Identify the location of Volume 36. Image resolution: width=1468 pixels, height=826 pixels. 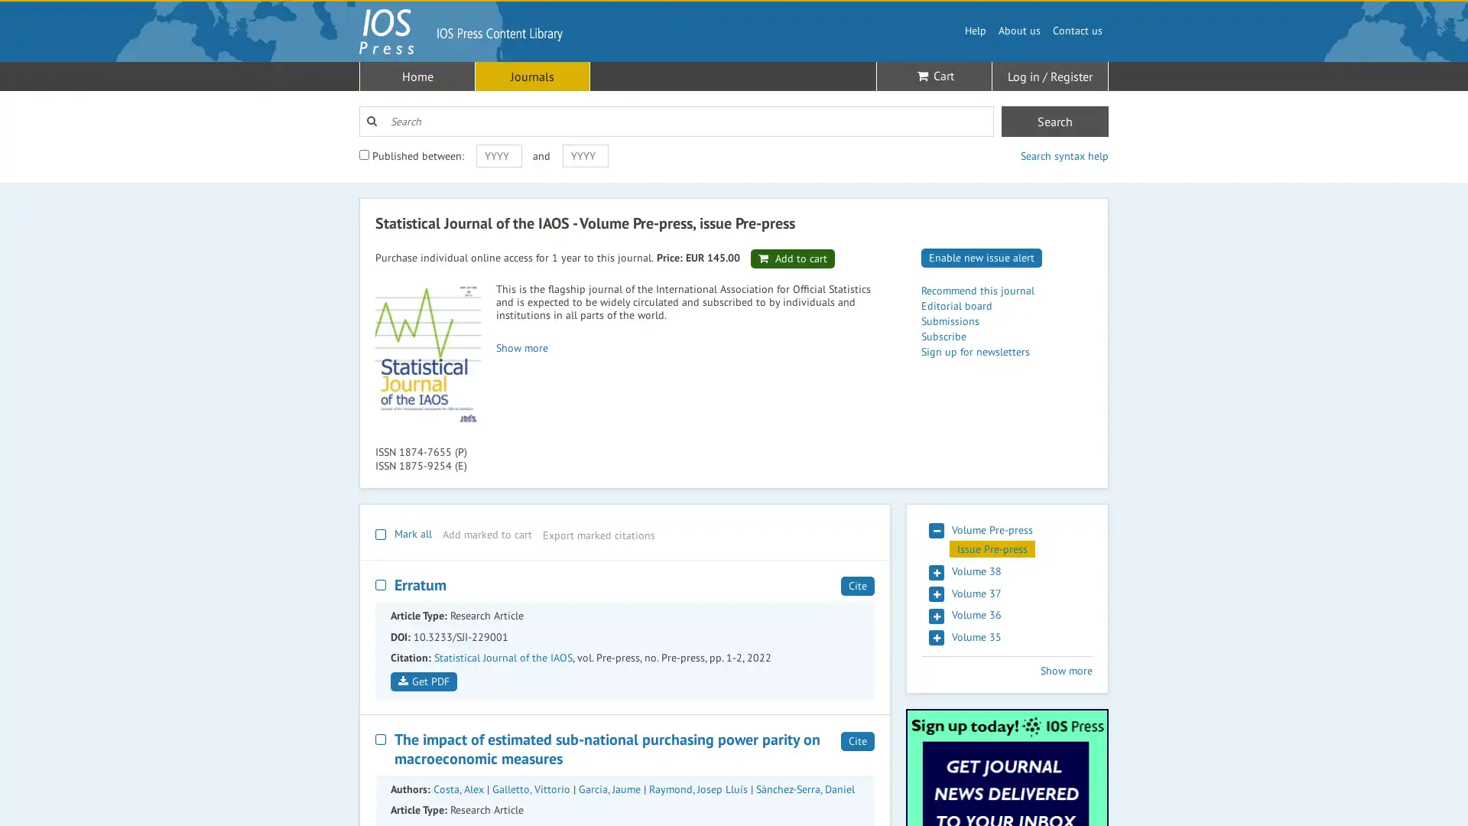
(964, 615).